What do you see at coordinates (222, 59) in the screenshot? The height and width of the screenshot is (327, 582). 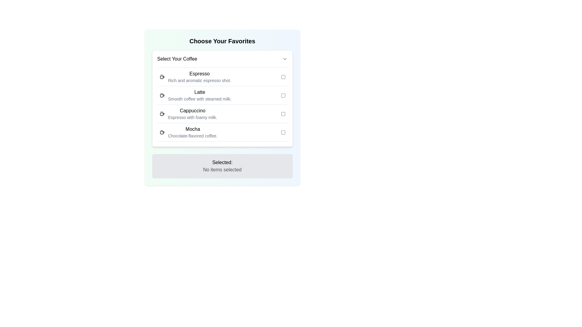 I see `the dropdown menu labeled 'Select Your Coffee'` at bounding box center [222, 59].